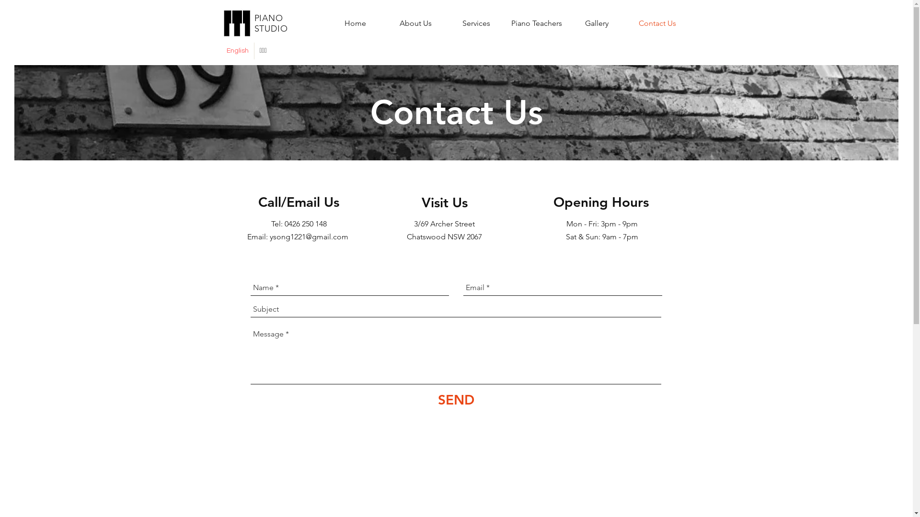  Describe the element at coordinates (298, 236) in the screenshot. I see `'Email: ysong1221@gmail.com '` at that location.